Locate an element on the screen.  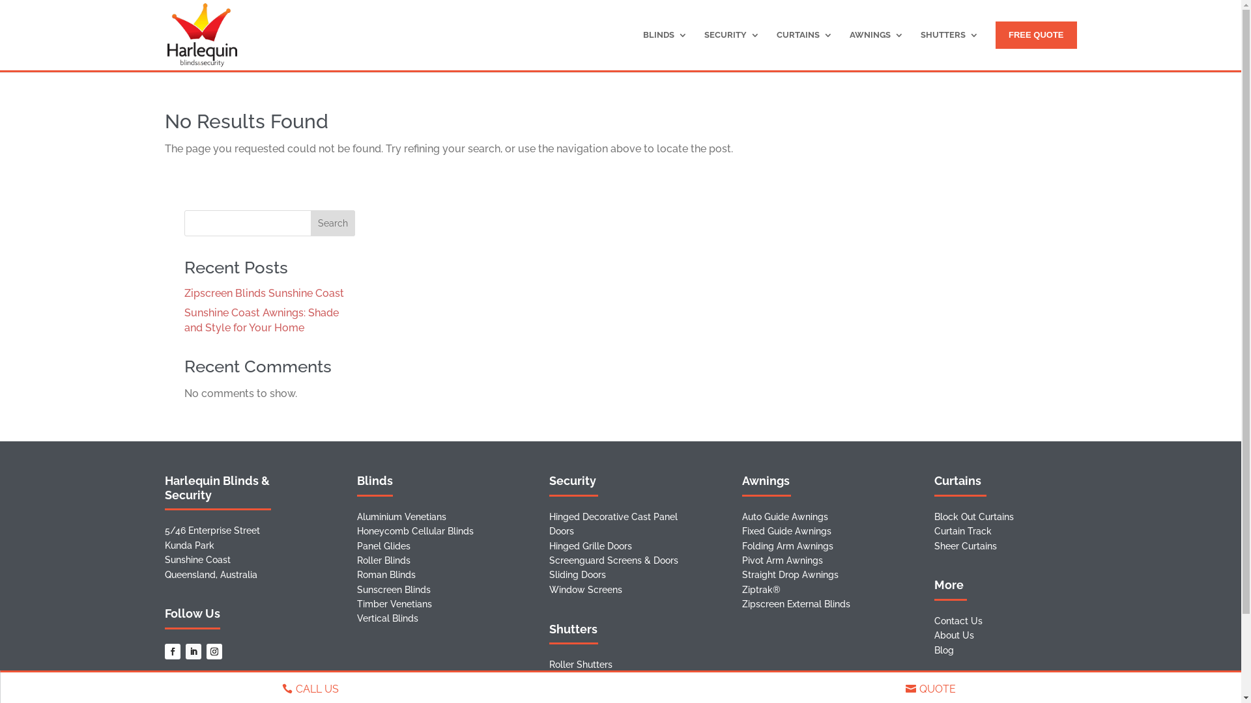
'Vertical Blinds' is located at coordinates (387, 617).